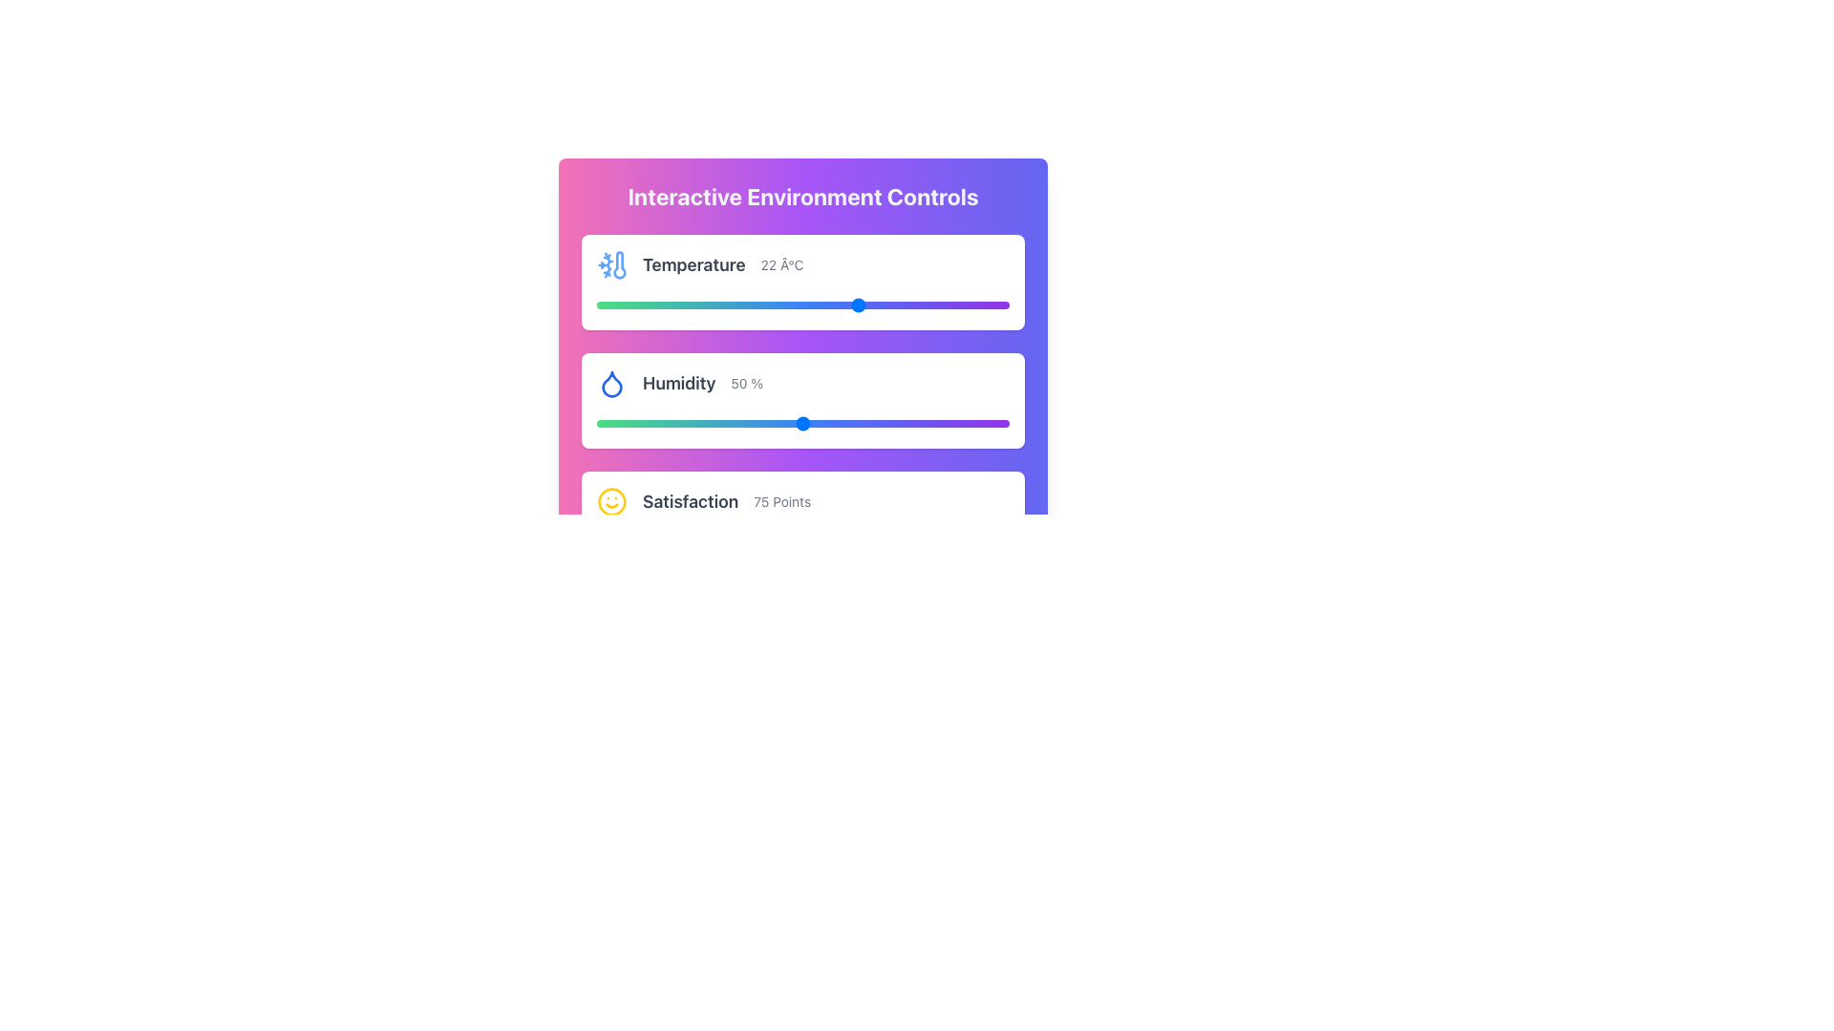 The height and width of the screenshot is (1031, 1834). I want to click on humidity, so click(711, 422).